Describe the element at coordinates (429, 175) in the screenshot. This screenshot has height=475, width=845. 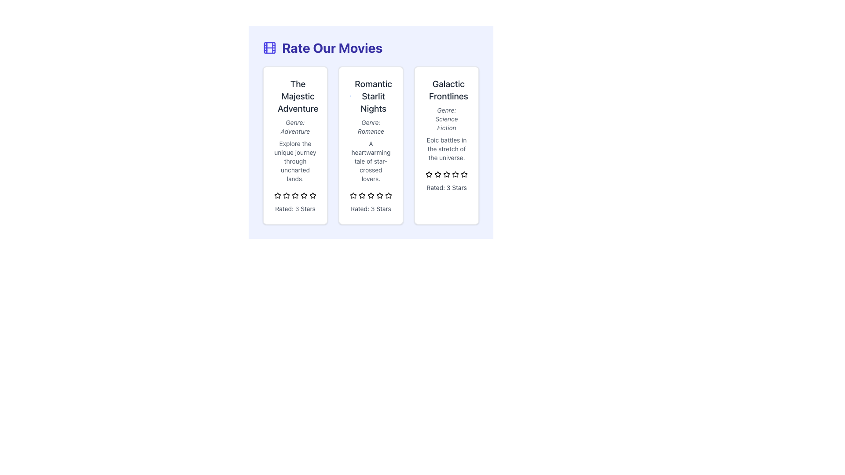
I see `the first star-shaped icon used for rating in the 'Galactic Frontlines' item to trigger a visual response` at that location.